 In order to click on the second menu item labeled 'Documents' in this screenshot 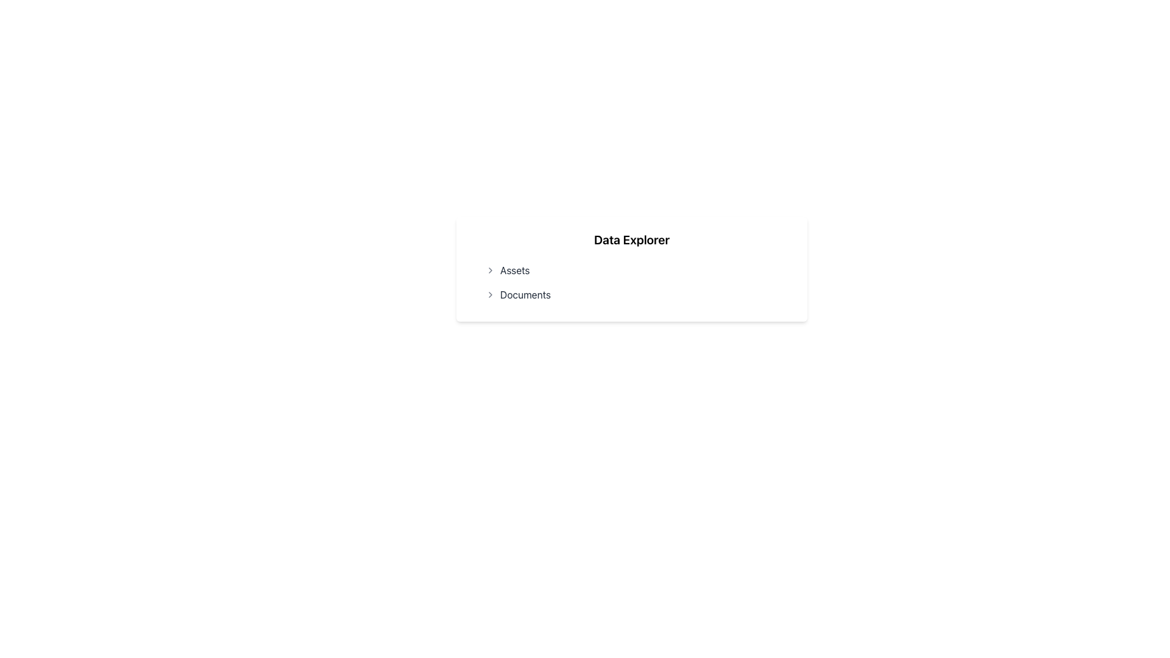, I will do `click(631, 294)`.